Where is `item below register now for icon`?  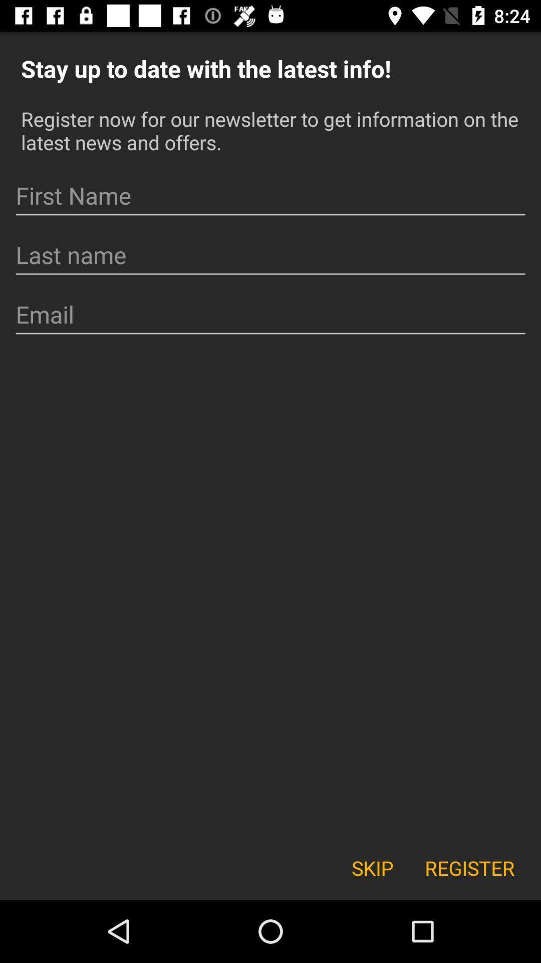
item below register now for icon is located at coordinates (270, 196).